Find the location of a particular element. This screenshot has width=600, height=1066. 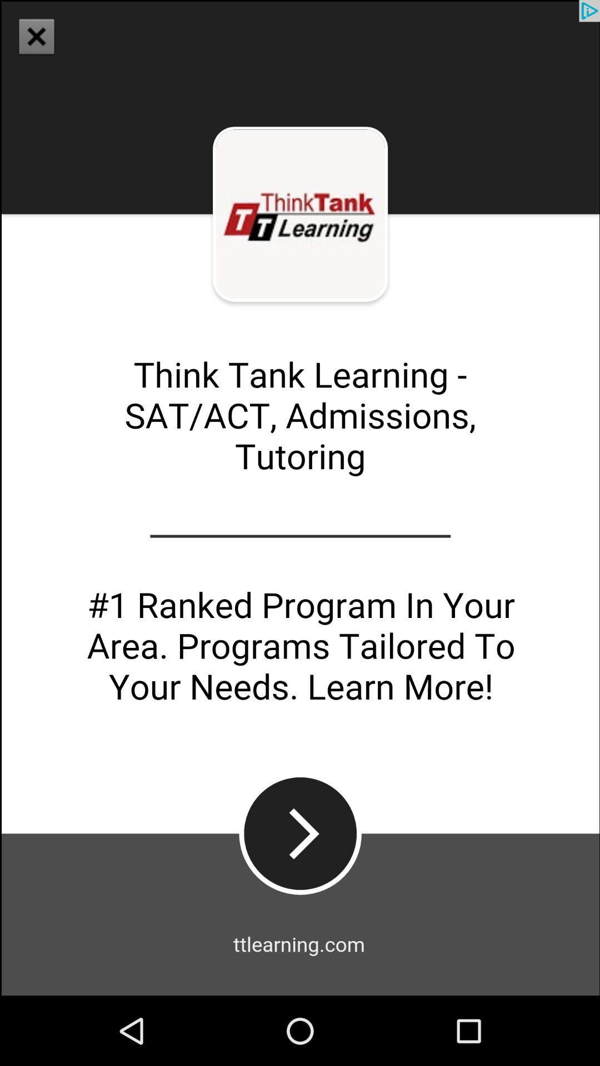

the close icon is located at coordinates (43, 46).